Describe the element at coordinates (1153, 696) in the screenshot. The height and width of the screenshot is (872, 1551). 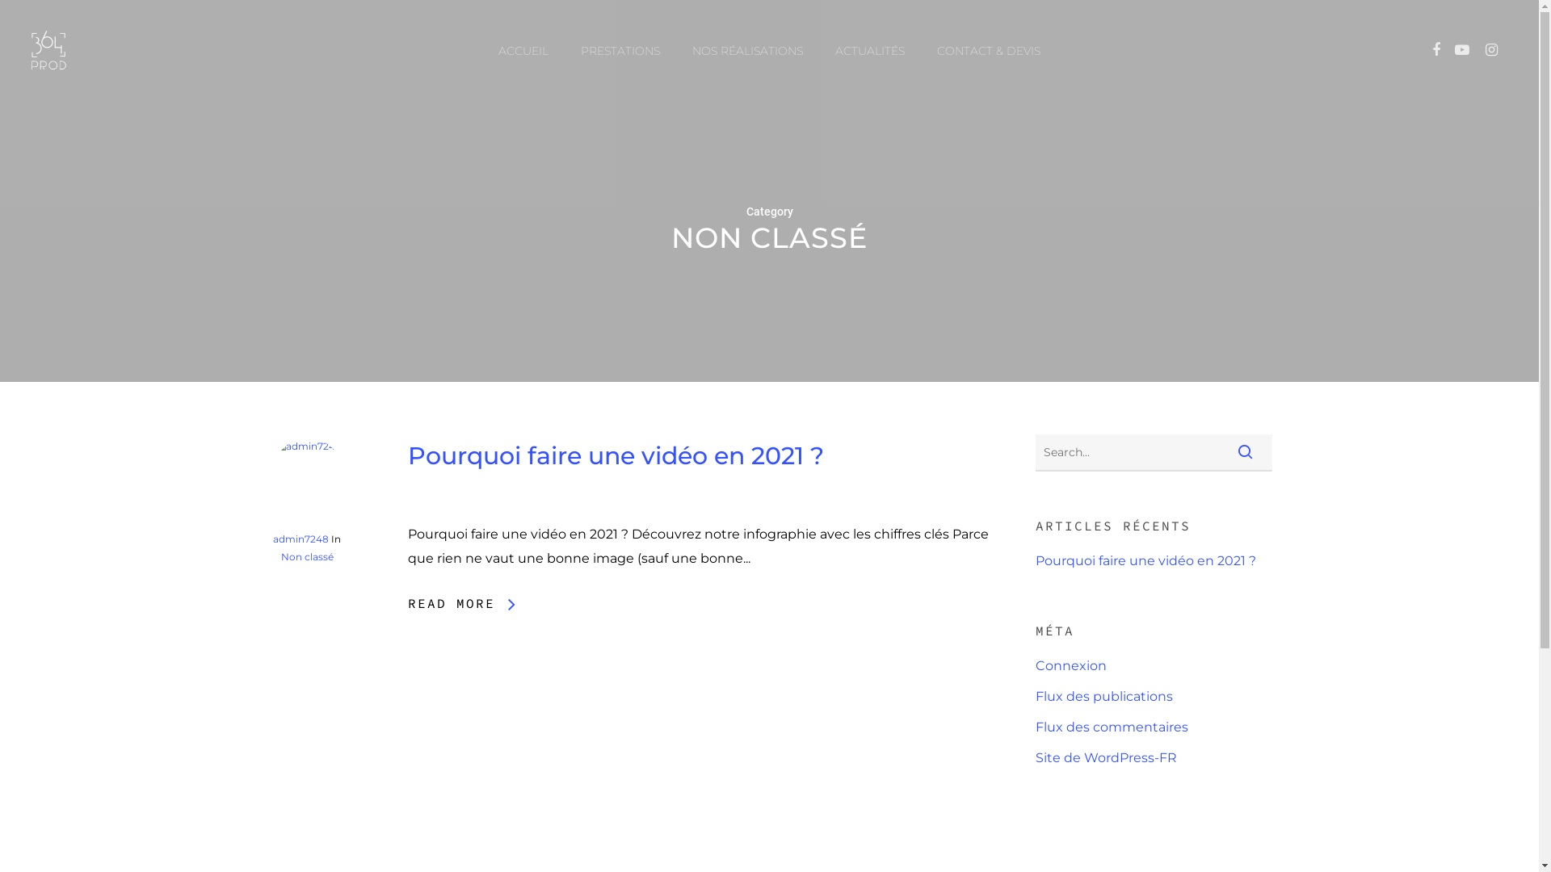
I see `'Flux des publications'` at that location.